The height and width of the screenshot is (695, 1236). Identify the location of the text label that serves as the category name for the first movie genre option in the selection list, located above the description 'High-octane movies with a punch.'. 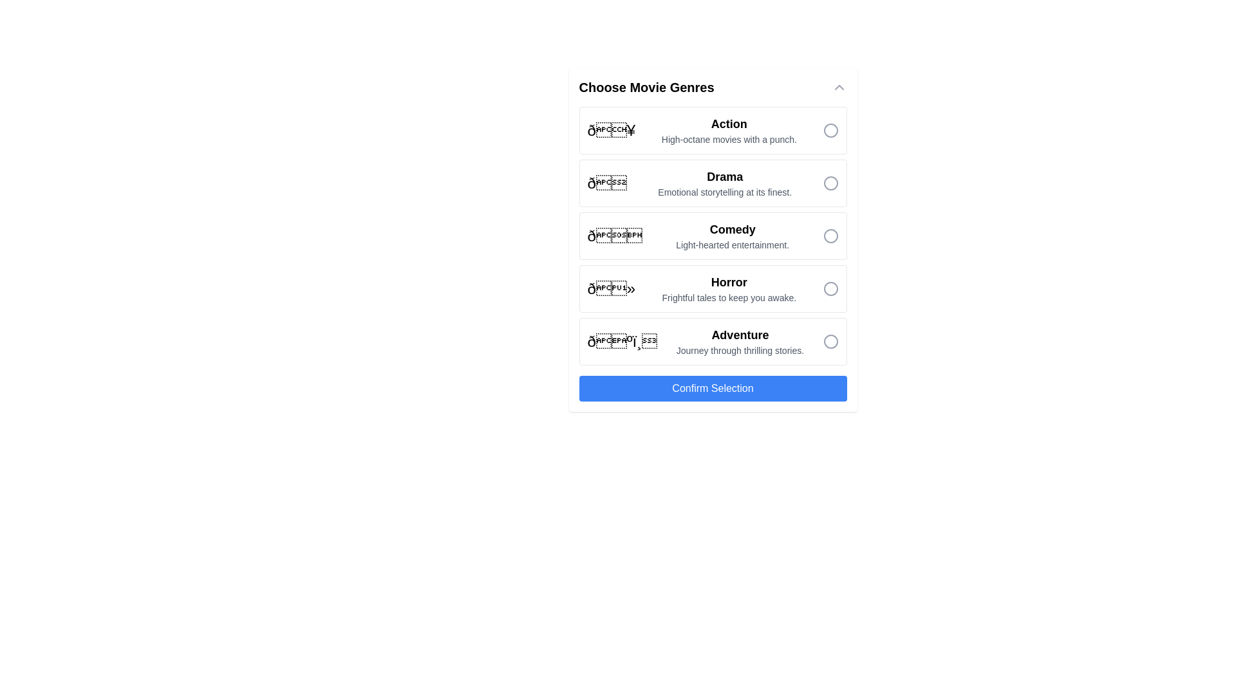
(729, 124).